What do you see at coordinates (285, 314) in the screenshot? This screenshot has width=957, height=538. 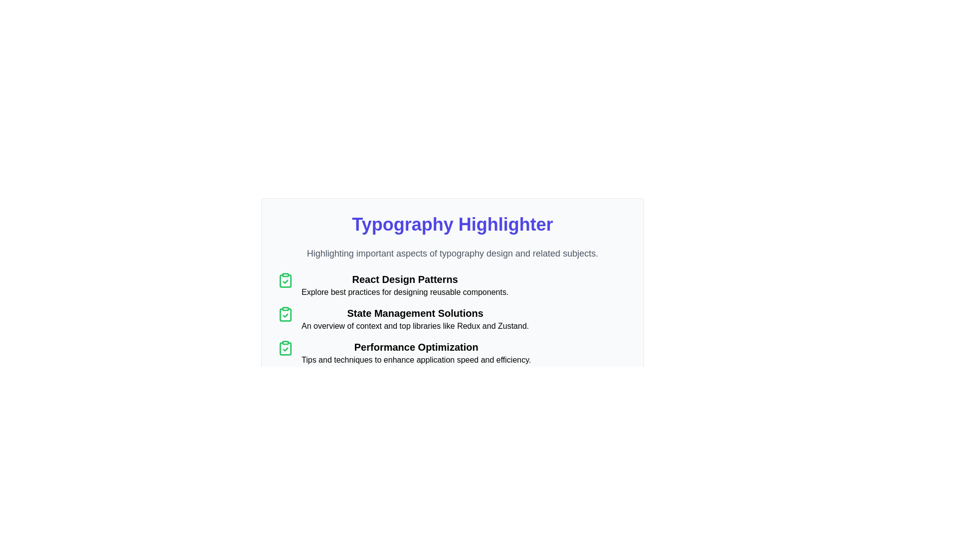 I see `the icon located on the left side of the 'State Management Solutions' section, which indicates the topic as completed, resolved, or selected` at bounding box center [285, 314].